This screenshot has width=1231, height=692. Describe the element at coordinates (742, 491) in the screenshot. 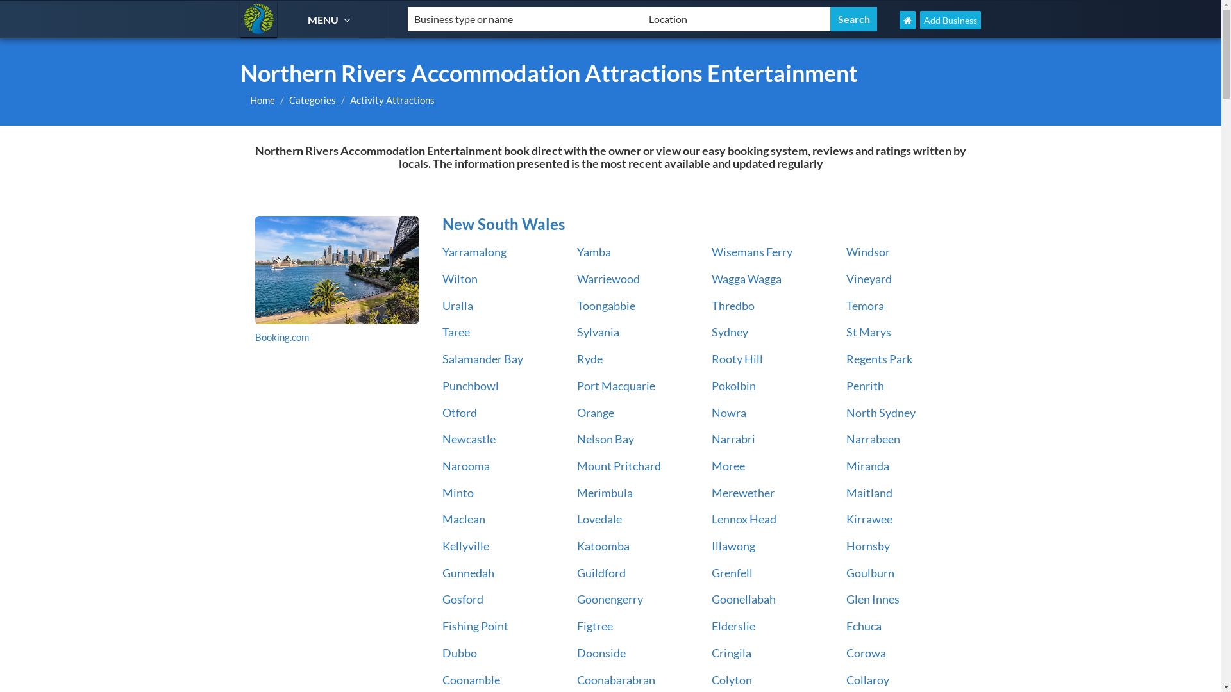

I see `'Merewether'` at that location.